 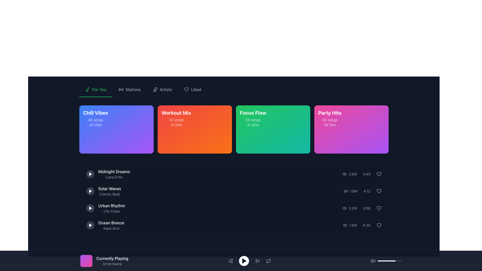 What do you see at coordinates (111, 211) in the screenshot?
I see `text label 'City Pulse' which is styled in gray and positioned below 'Urban Rhythm' in the song list` at bounding box center [111, 211].